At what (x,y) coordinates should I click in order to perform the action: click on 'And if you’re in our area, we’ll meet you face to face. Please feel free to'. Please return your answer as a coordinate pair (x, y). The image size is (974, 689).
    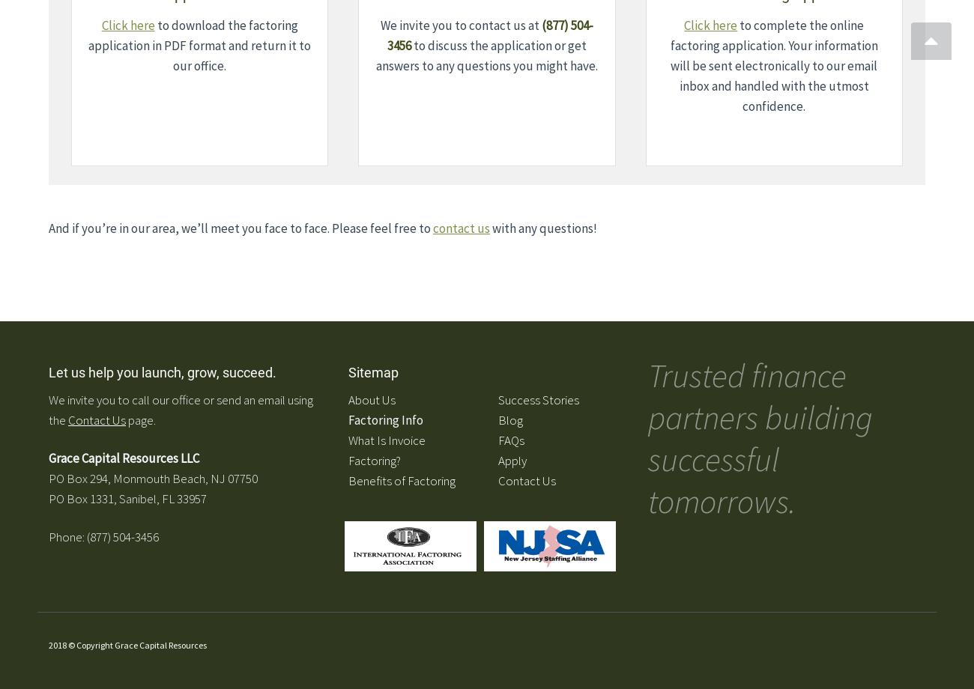
    Looking at the image, I should click on (241, 228).